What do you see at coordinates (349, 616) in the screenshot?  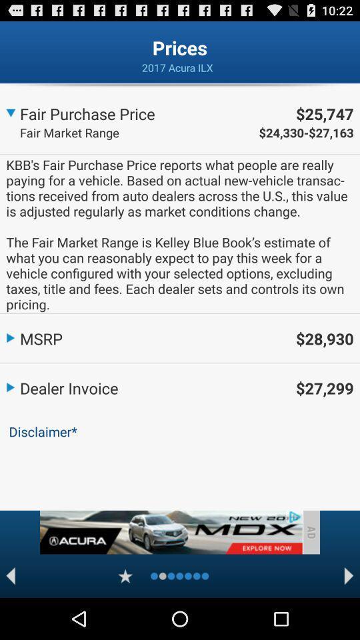 I see `the play icon` at bounding box center [349, 616].